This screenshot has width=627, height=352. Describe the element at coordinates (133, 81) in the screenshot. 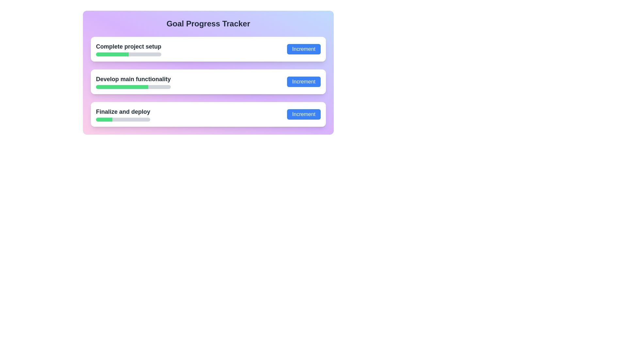

I see `the title of the progress tracker task item located in the second entry of a vertically aligned list within its card, which is positioned below 'Complete project setup' and above 'Finalize and deploy'` at that location.